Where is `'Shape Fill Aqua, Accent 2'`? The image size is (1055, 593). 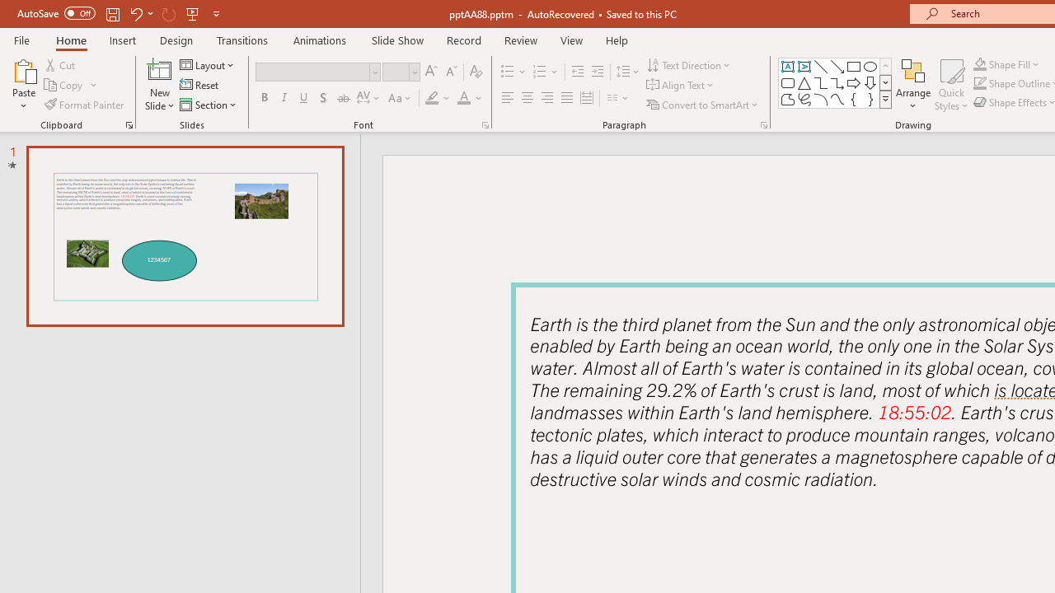
'Shape Fill Aqua, Accent 2' is located at coordinates (980, 63).